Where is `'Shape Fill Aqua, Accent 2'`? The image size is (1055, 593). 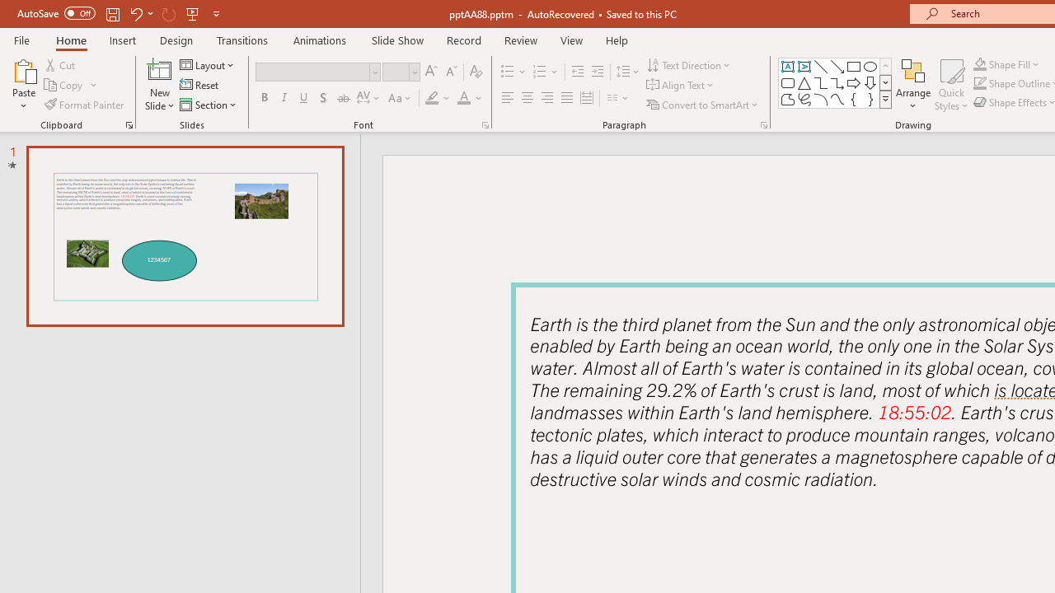
'Shape Fill Aqua, Accent 2' is located at coordinates (980, 63).